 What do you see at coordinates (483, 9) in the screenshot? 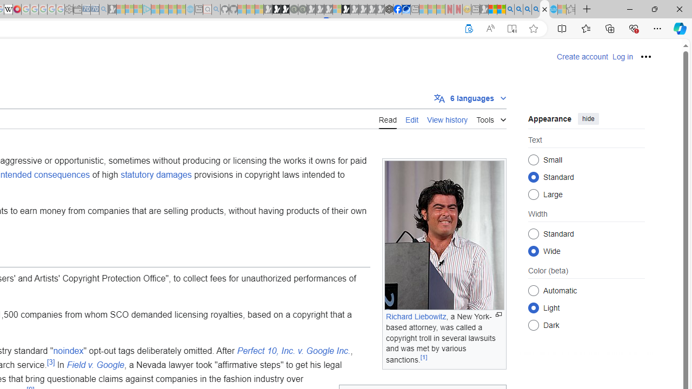
I see `'MSN - Sleeping'` at bounding box center [483, 9].